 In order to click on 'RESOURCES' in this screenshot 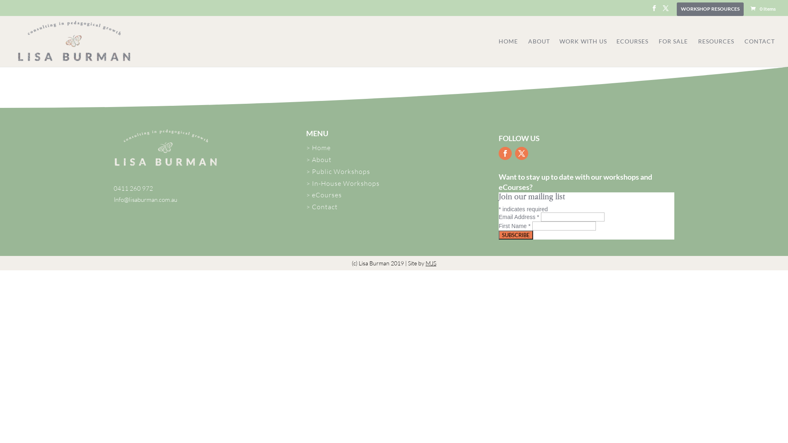, I will do `click(716, 53)`.